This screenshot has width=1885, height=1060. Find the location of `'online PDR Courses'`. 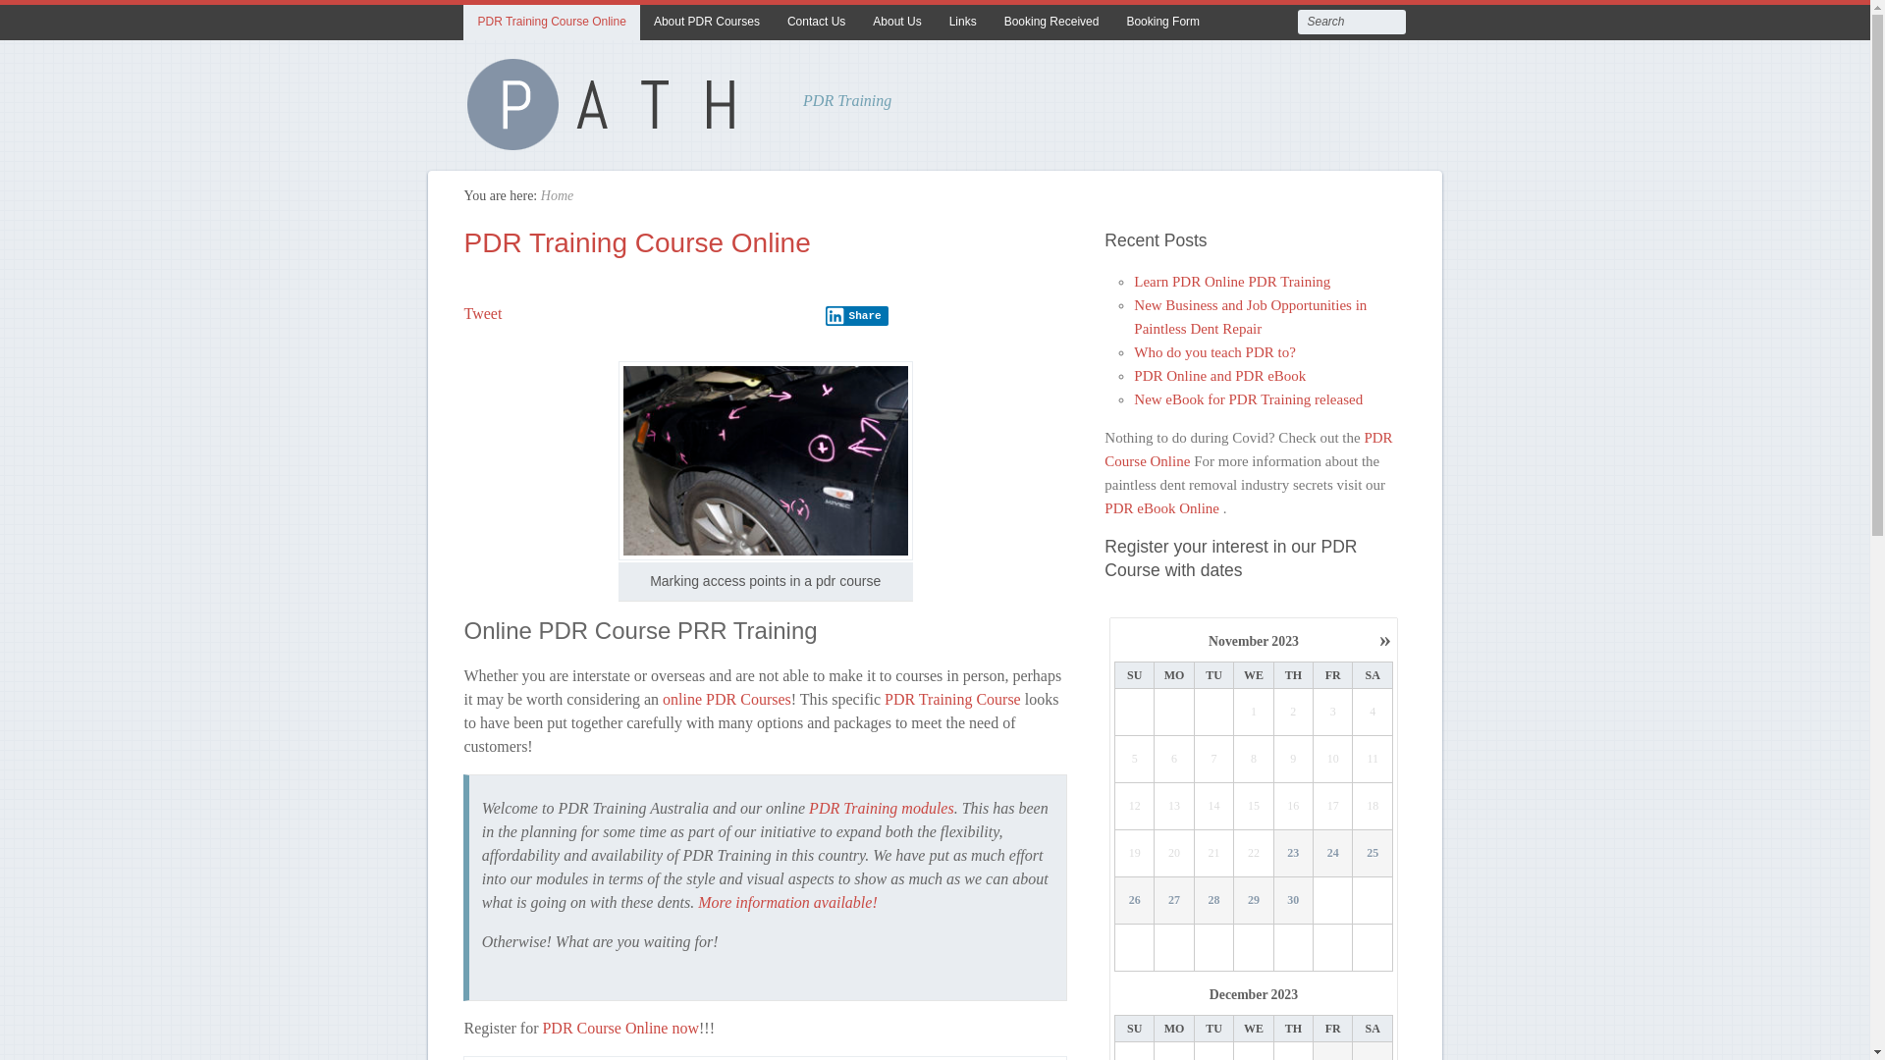

'online PDR Courses' is located at coordinates (726, 698).